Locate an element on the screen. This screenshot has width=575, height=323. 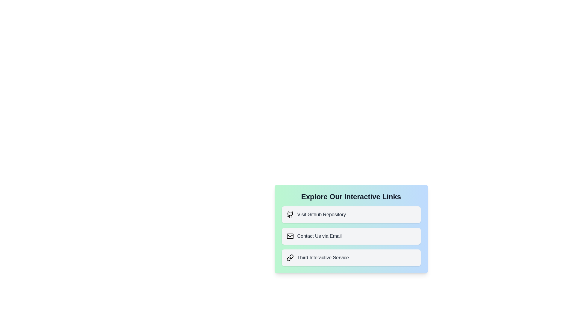
the interactive link that initiates a new email to 'info@company.com', which is the second item in a vertical list of options is located at coordinates (351, 236).